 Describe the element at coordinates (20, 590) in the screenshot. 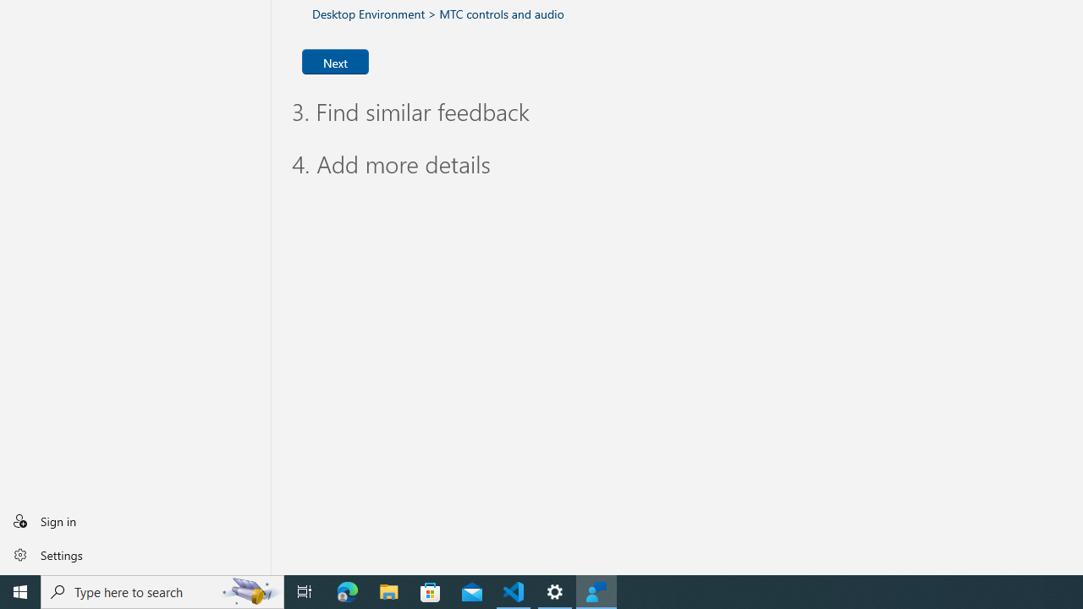

I see `'Start'` at that location.